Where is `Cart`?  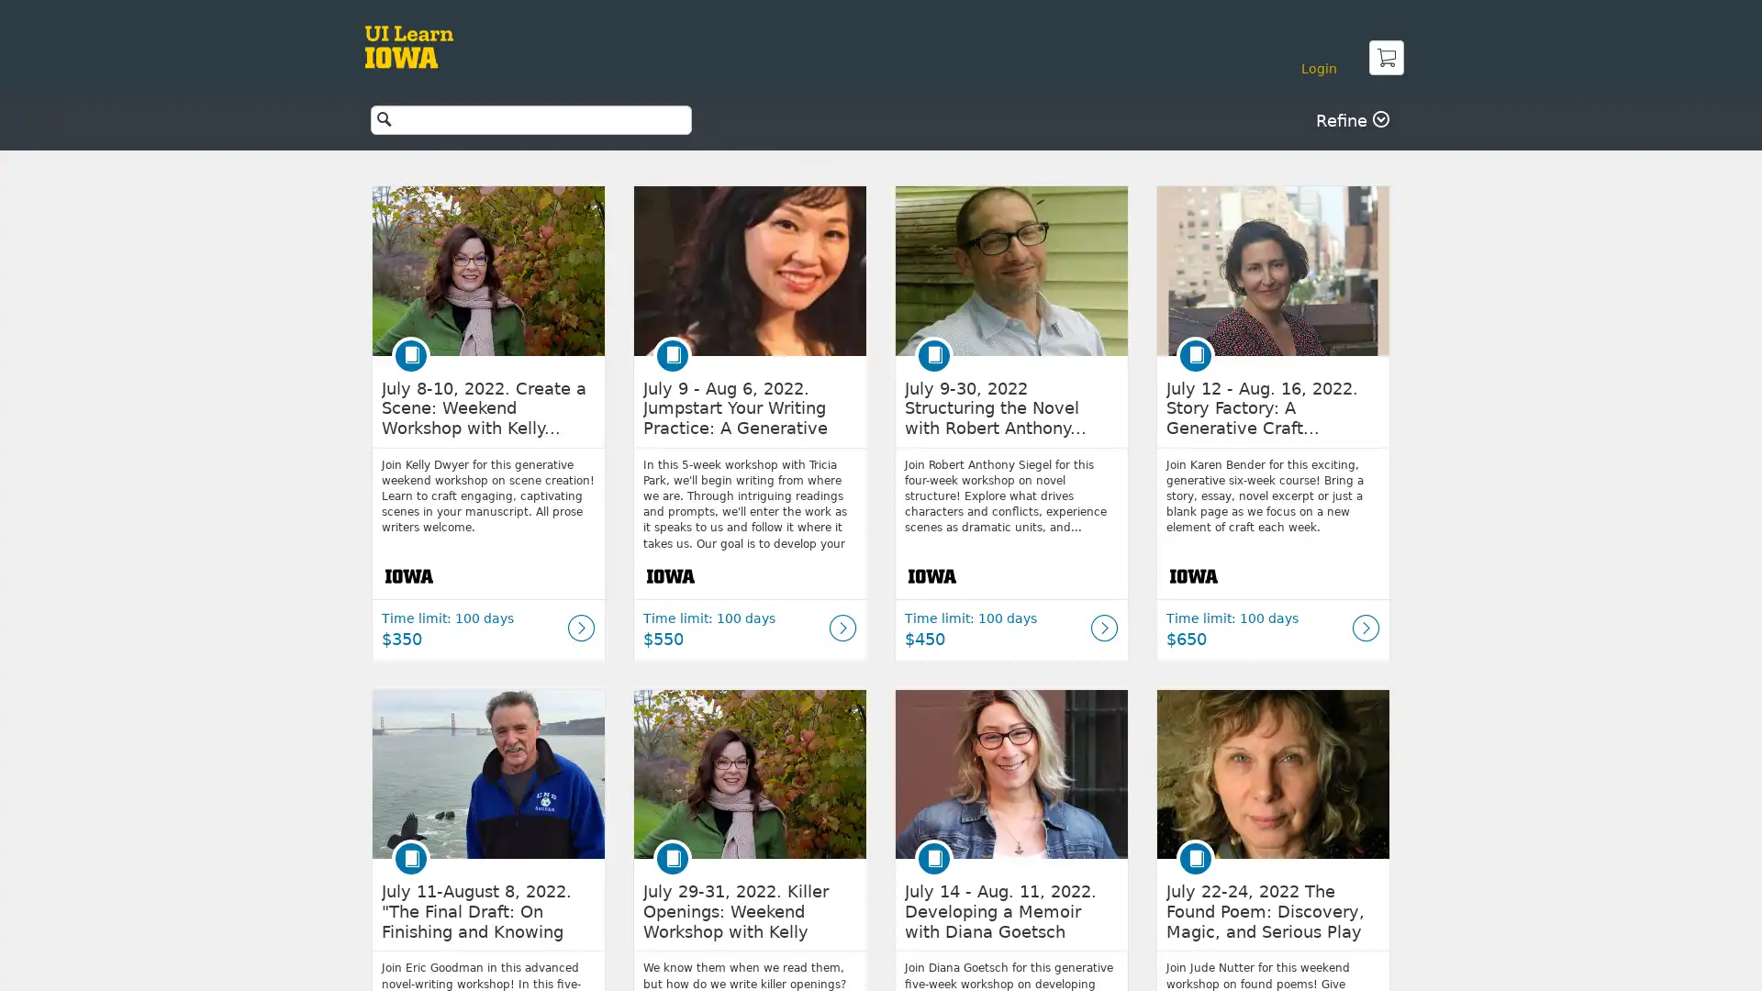 Cart is located at coordinates (1387, 55).